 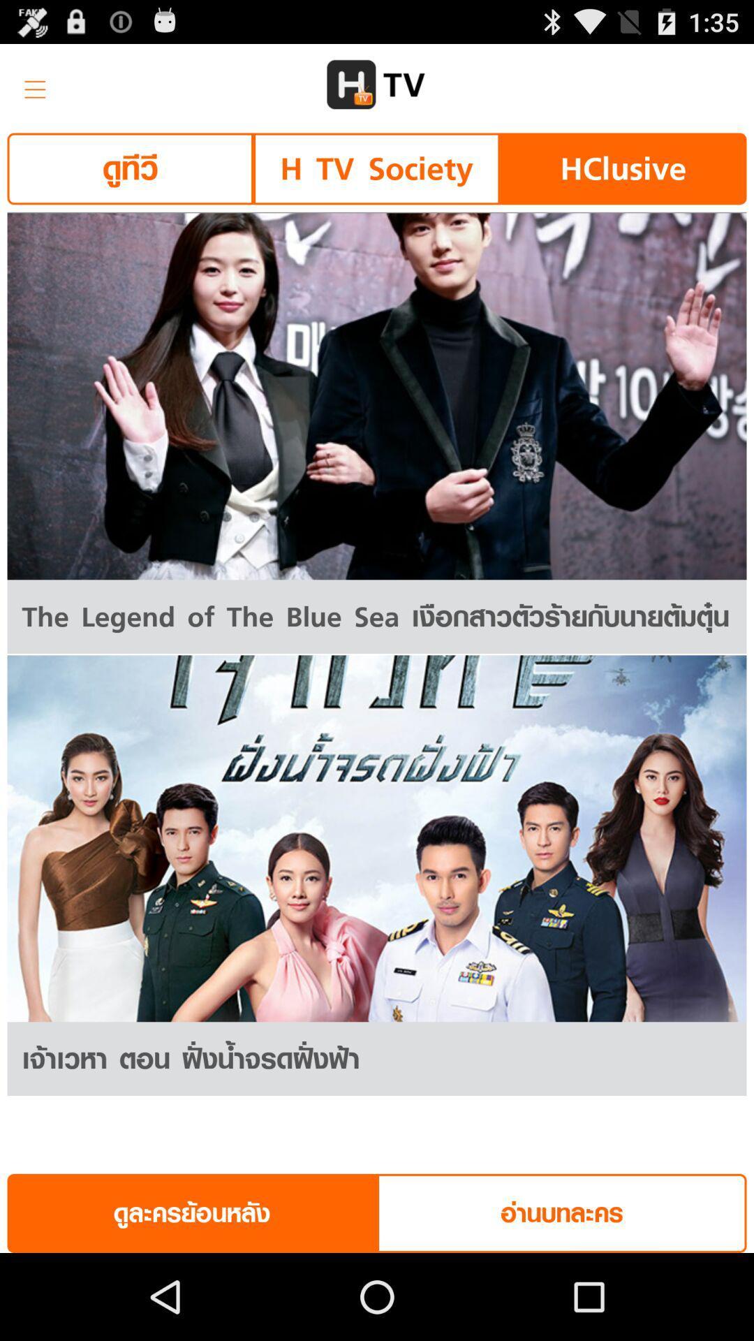 I want to click on the menu icon which is on top left corner, so click(x=30, y=84).